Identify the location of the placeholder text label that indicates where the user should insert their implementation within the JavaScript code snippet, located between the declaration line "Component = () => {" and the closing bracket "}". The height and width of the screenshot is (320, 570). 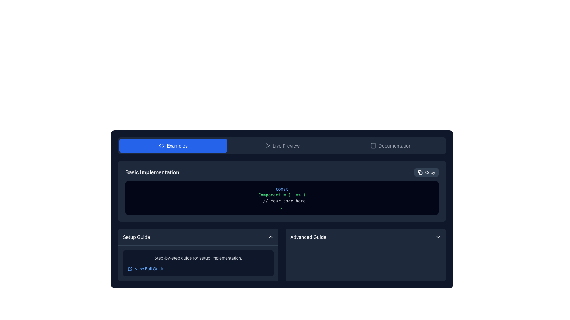
(282, 201).